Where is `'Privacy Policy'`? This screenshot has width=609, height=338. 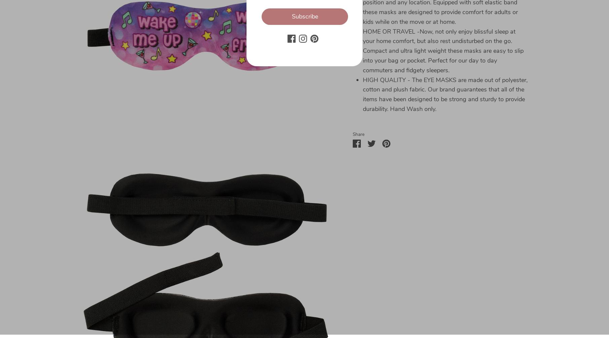 'Privacy Policy' is located at coordinates (53, 252).